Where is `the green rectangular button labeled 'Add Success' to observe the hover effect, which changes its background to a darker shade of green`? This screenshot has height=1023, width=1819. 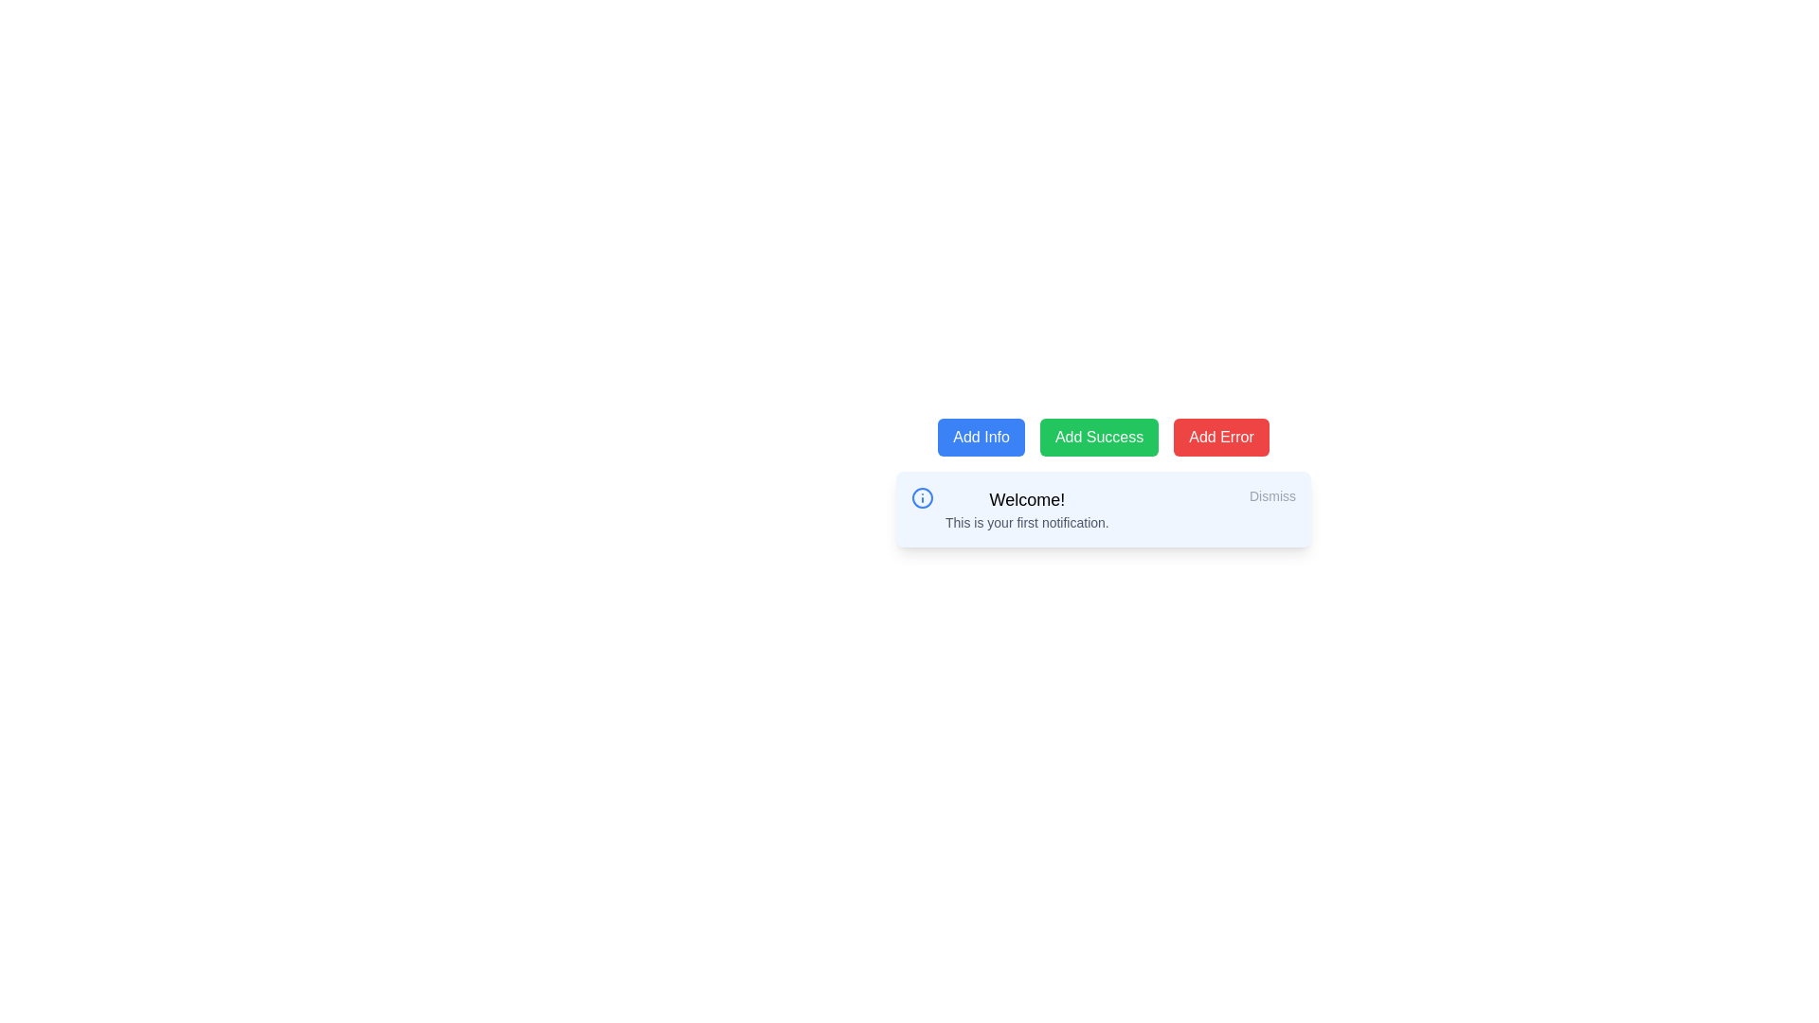 the green rectangular button labeled 'Add Success' to observe the hover effect, which changes its background to a darker shade of green is located at coordinates (1099, 438).